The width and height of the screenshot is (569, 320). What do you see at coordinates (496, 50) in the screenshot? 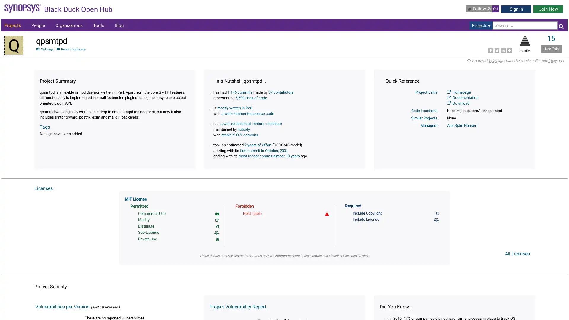
I see `Share to Twitter` at bounding box center [496, 50].